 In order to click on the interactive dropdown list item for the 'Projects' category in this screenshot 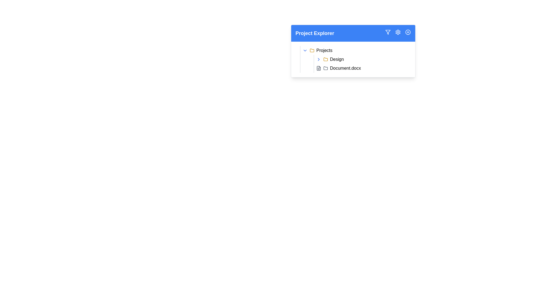, I will do `click(355, 50)`.